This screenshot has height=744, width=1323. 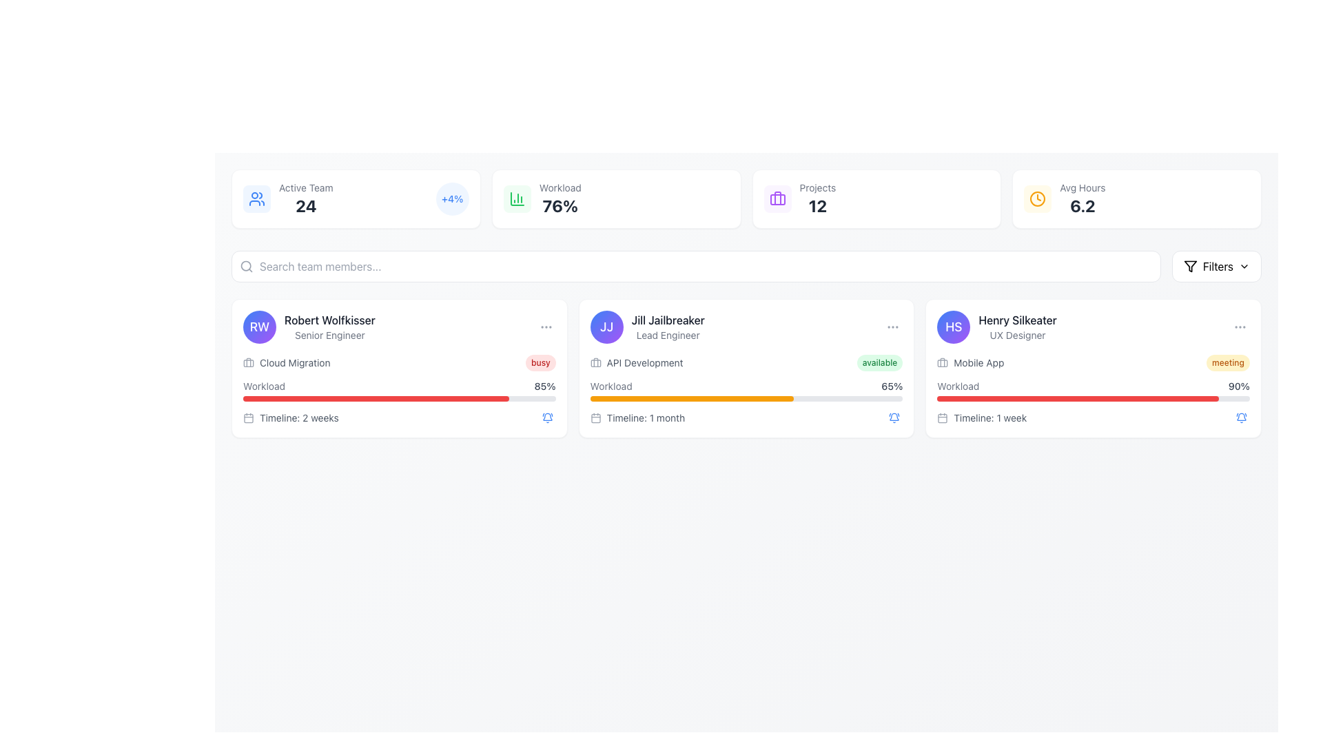 I want to click on the filled section of the progress bar in the 'Workload' section of the card labeled 'Jill Jailbreaker', which is represented by an amber-colored rectangular bar with rounded edges, indicating 65% progress, so click(x=692, y=398).